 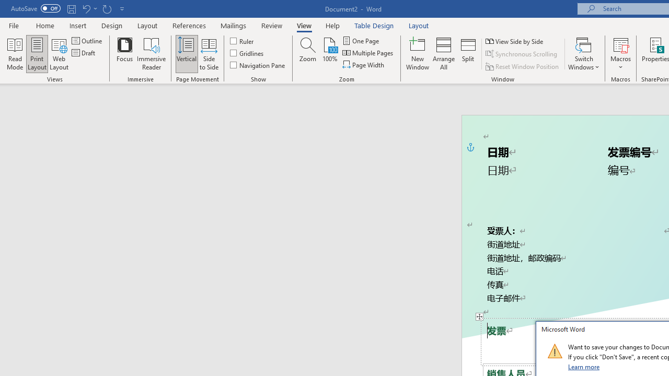 I want to click on 'Side to Side', so click(x=209, y=54).